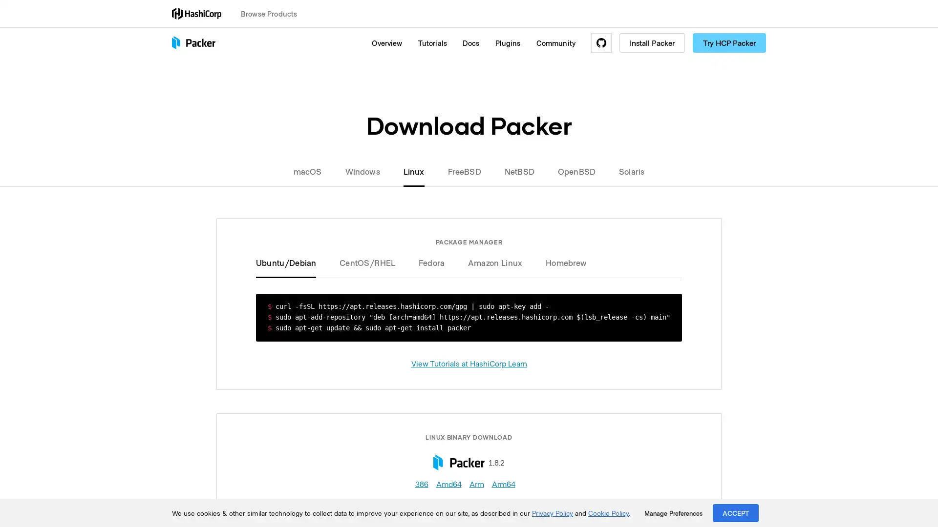  Describe the element at coordinates (362, 171) in the screenshot. I see `Windows` at that location.